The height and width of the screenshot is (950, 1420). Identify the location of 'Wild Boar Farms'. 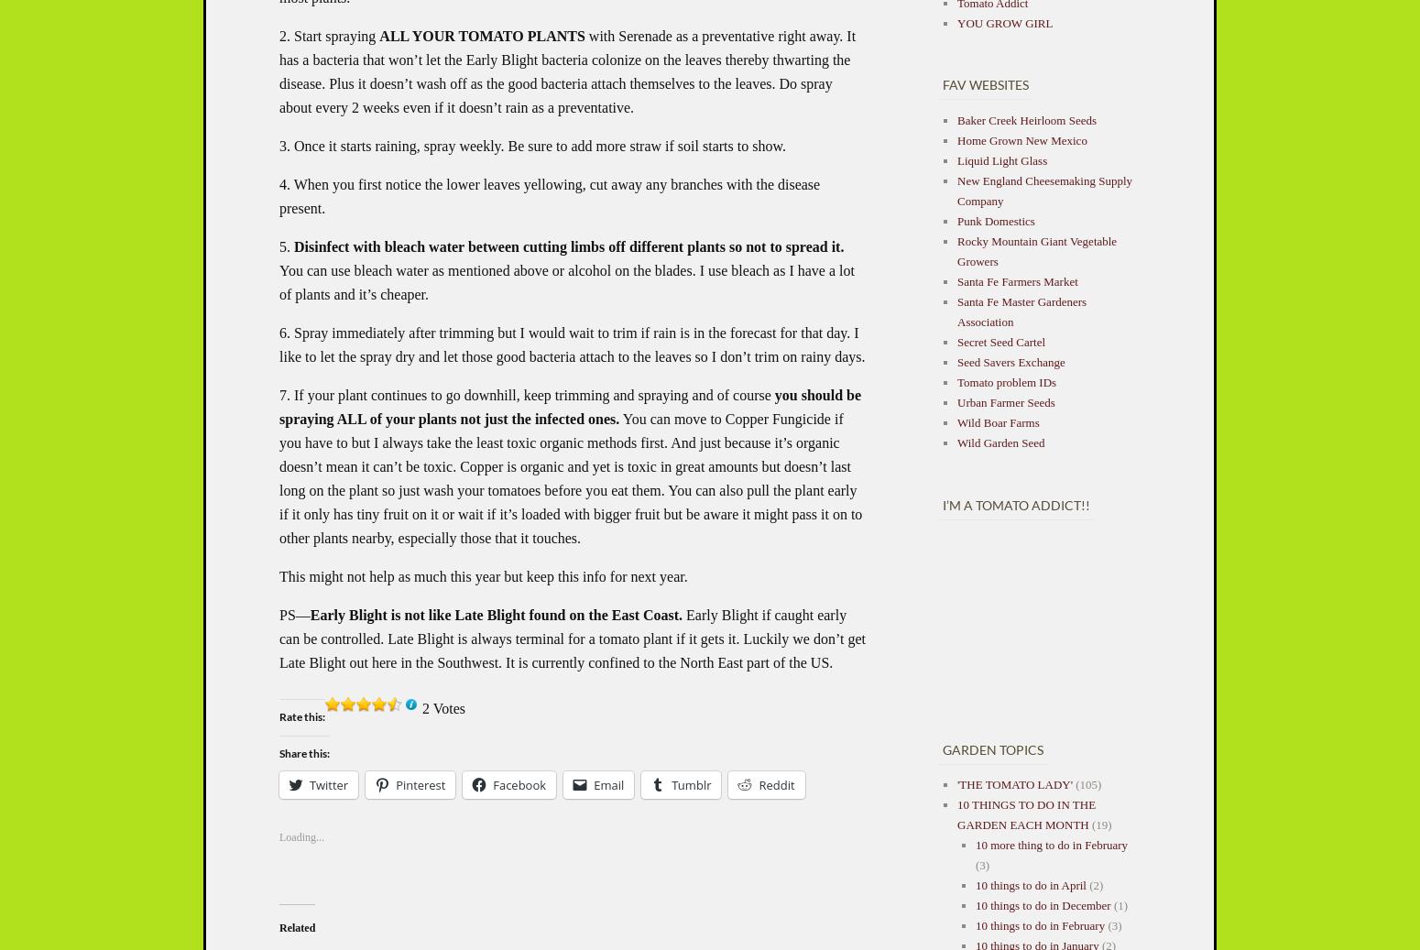
(997, 420).